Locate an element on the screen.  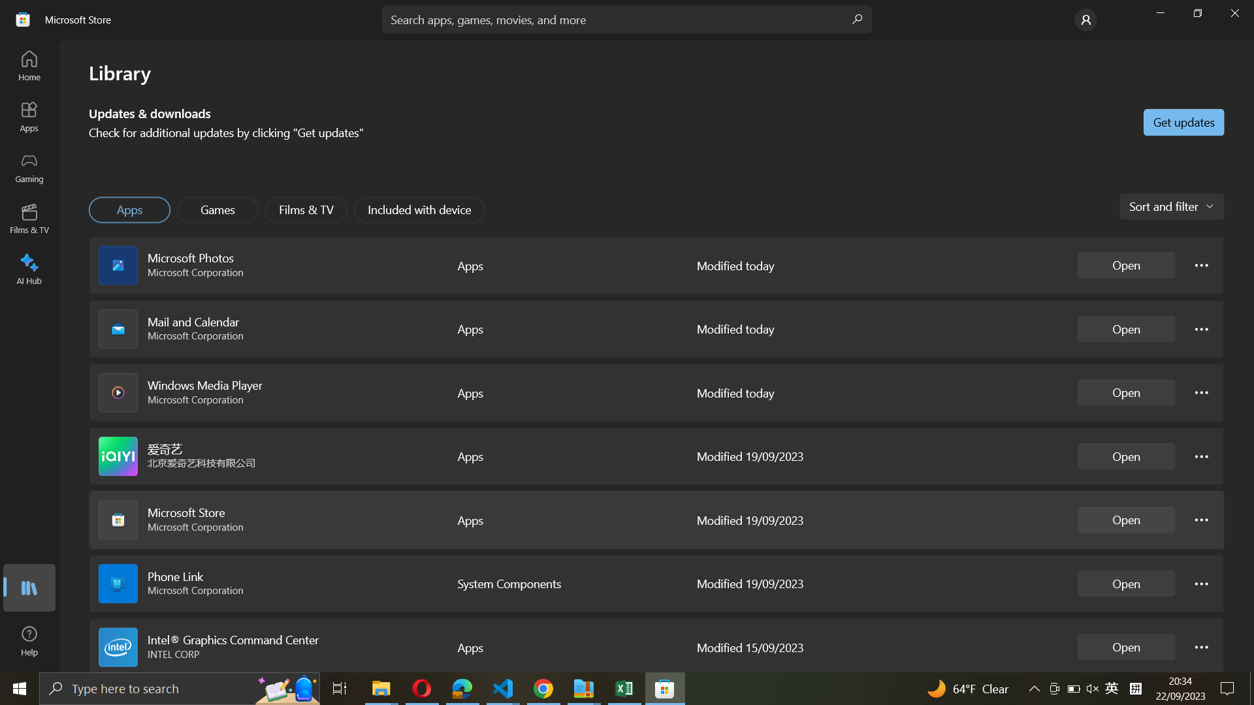
Go to Home is located at coordinates (30, 65).